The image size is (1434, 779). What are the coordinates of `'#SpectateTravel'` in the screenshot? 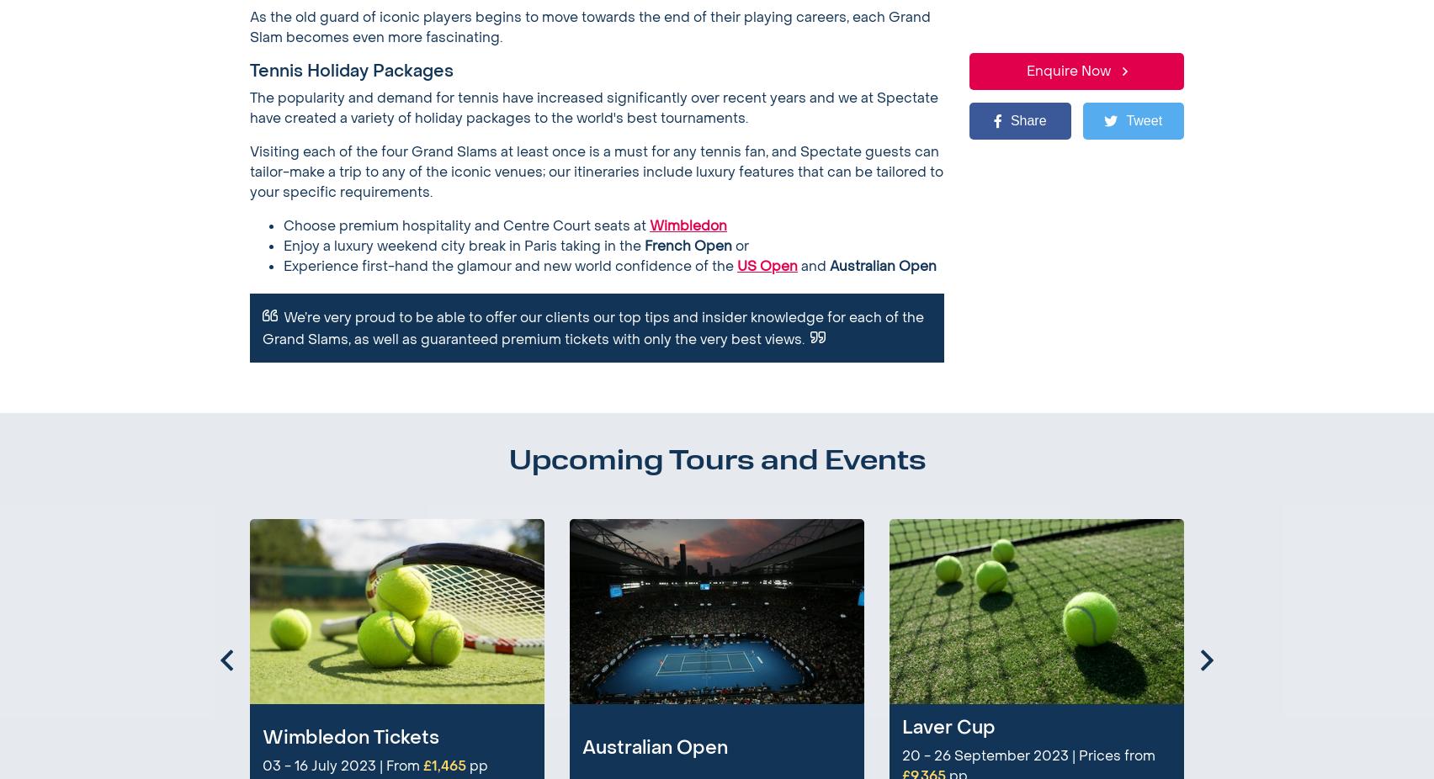 It's located at (1075, 666).